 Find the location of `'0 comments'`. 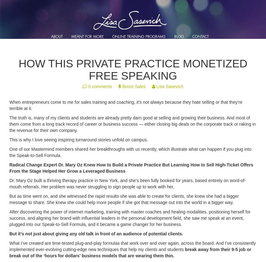

'0 comments' is located at coordinates (100, 86).